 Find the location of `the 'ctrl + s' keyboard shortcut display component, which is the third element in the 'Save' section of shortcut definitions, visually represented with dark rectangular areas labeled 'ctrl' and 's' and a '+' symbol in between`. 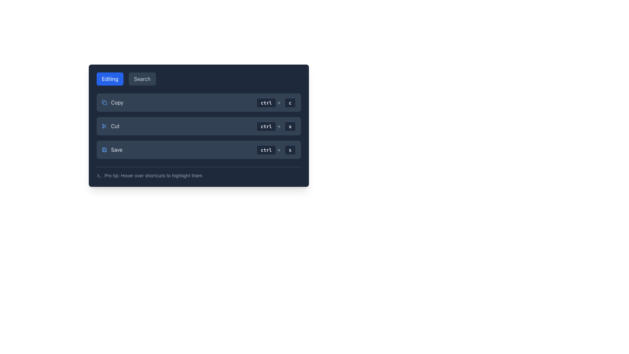

the 'ctrl + s' keyboard shortcut display component, which is the third element in the 'Save' section of shortcut definitions, visually represented with dark rectangular areas labeled 'ctrl' and 's' and a '+' symbol in between is located at coordinates (276, 149).